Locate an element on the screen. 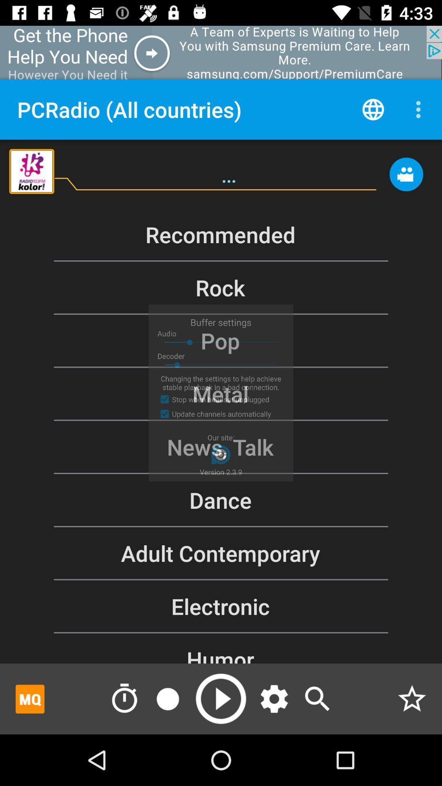 This screenshot has height=786, width=442. to search option is located at coordinates (317, 698).